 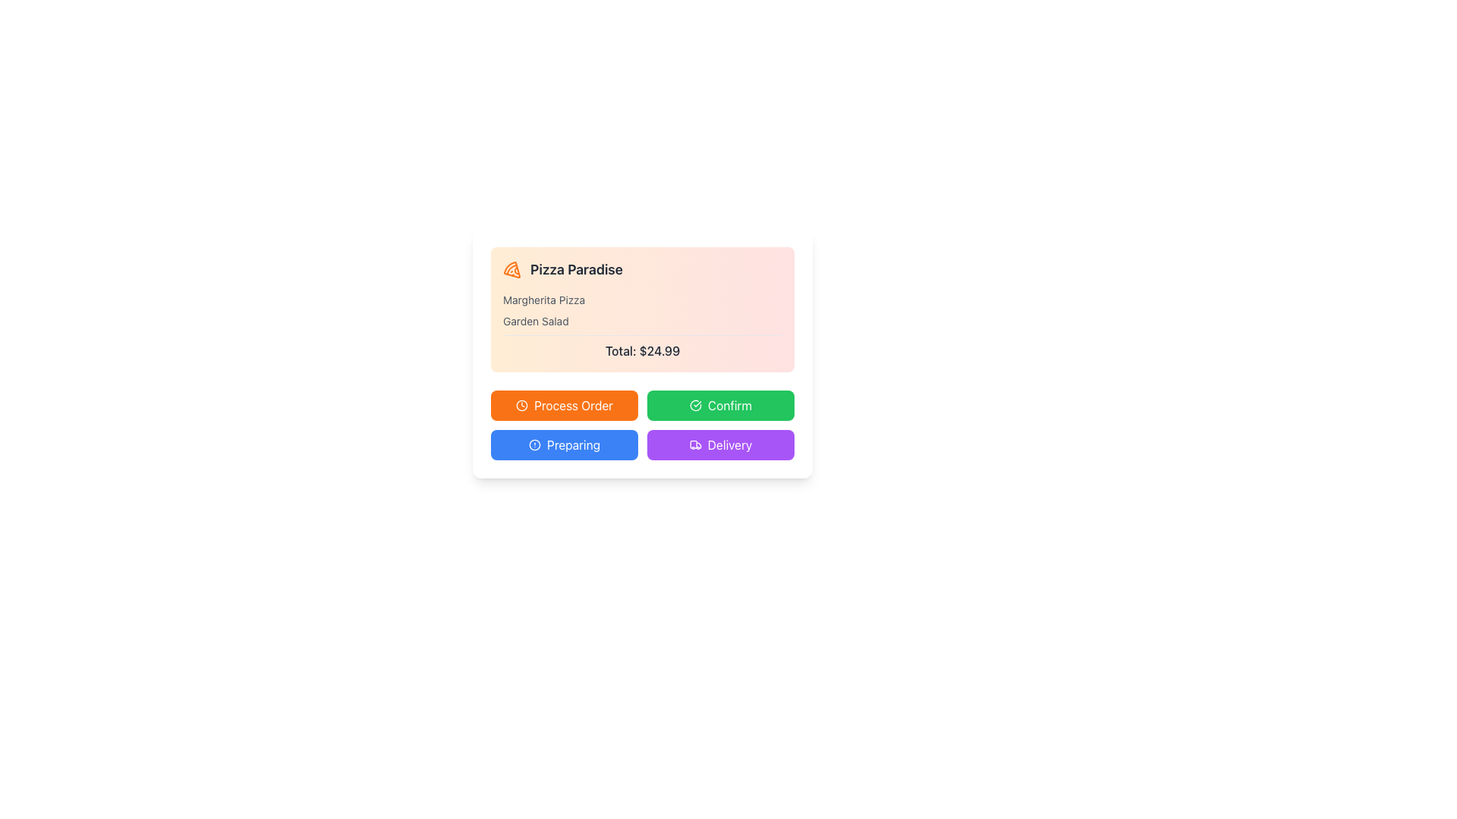 I want to click on the 'Preparing' phase button located in the lower left quadrant of the grid, which is the third button from the left and directly below the 'Process Order' button, so click(x=564, y=444).